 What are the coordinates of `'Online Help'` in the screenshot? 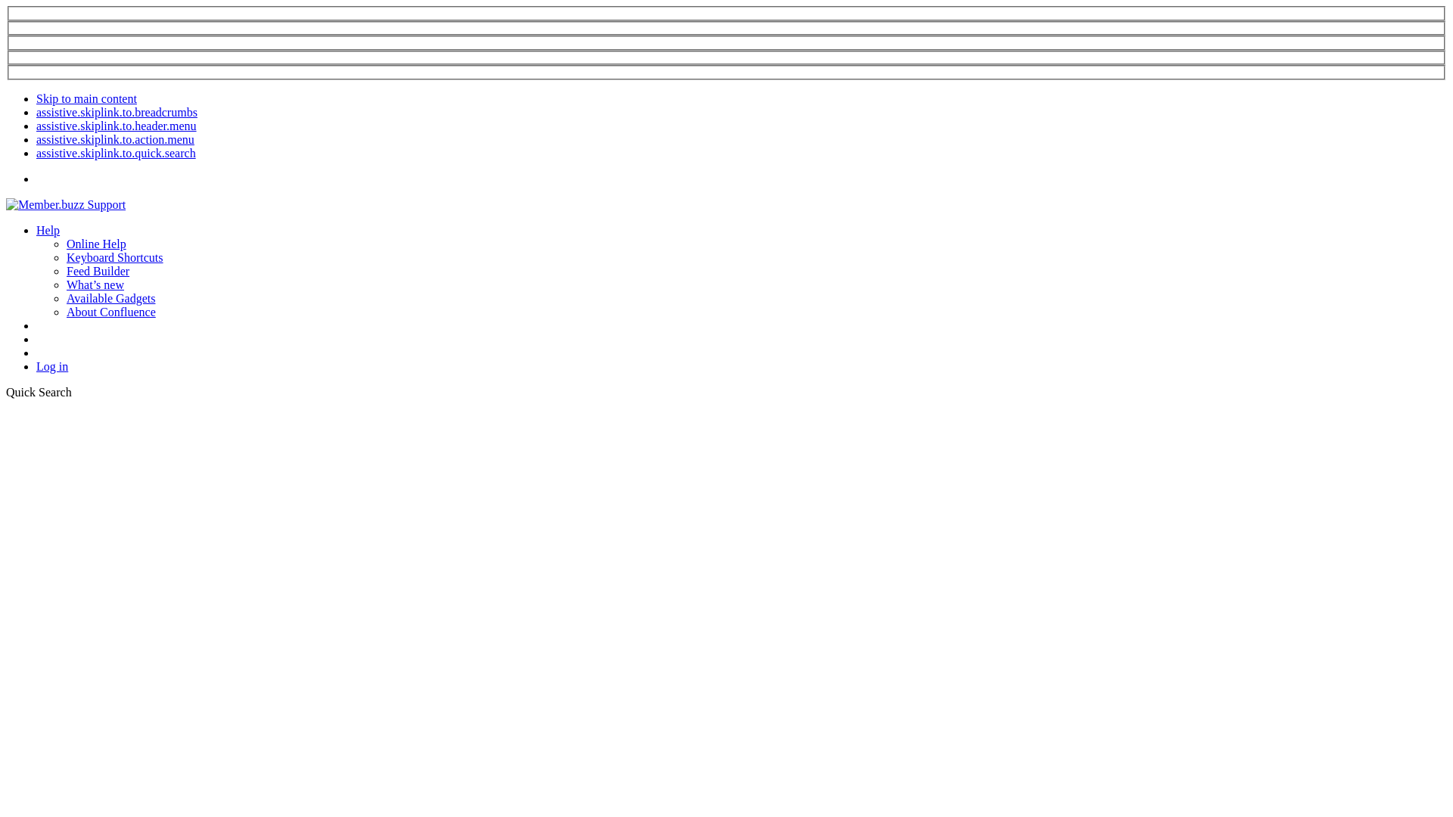 It's located at (95, 243).